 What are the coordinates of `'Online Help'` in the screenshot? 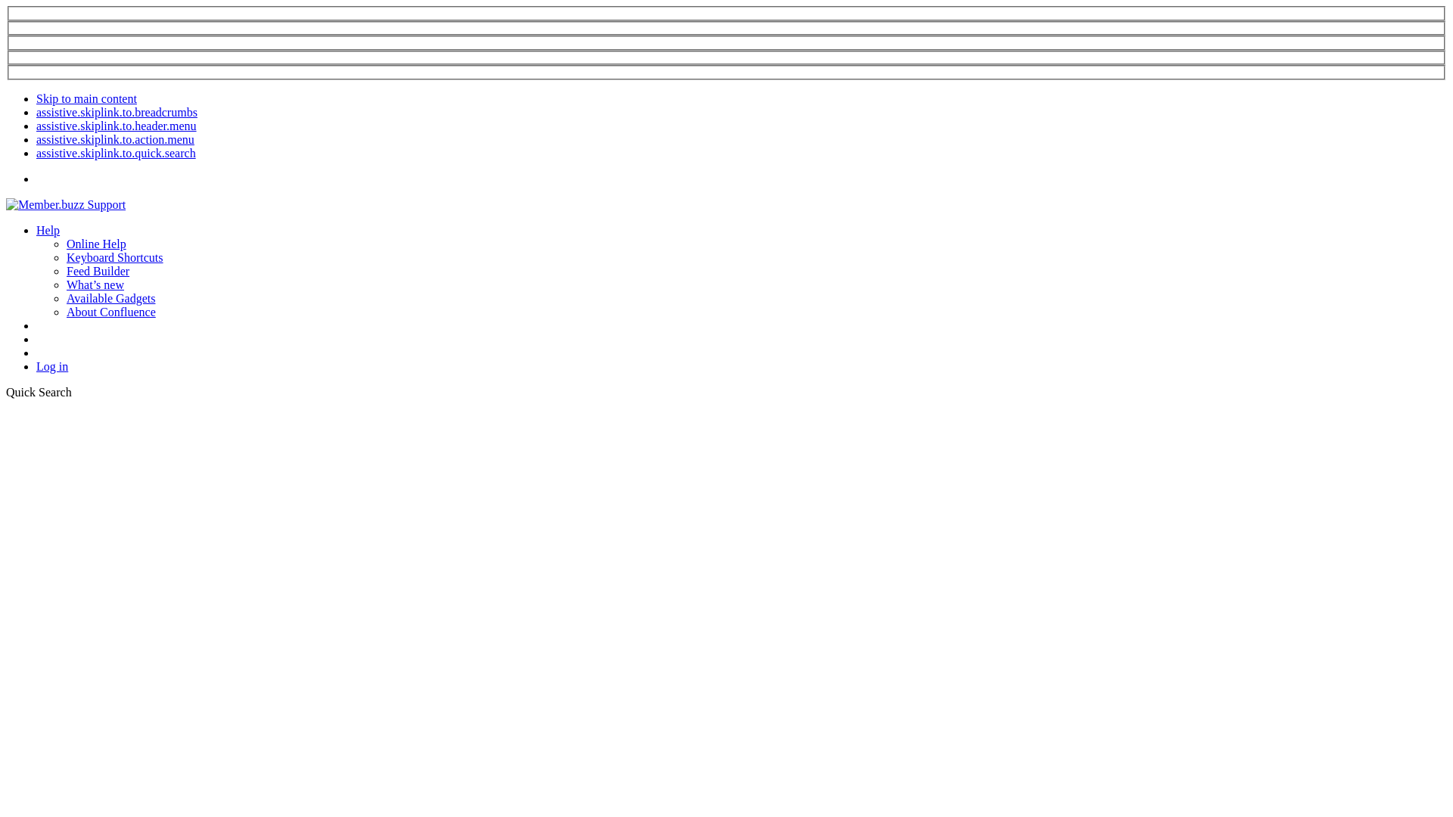 It's located at (95, 243).